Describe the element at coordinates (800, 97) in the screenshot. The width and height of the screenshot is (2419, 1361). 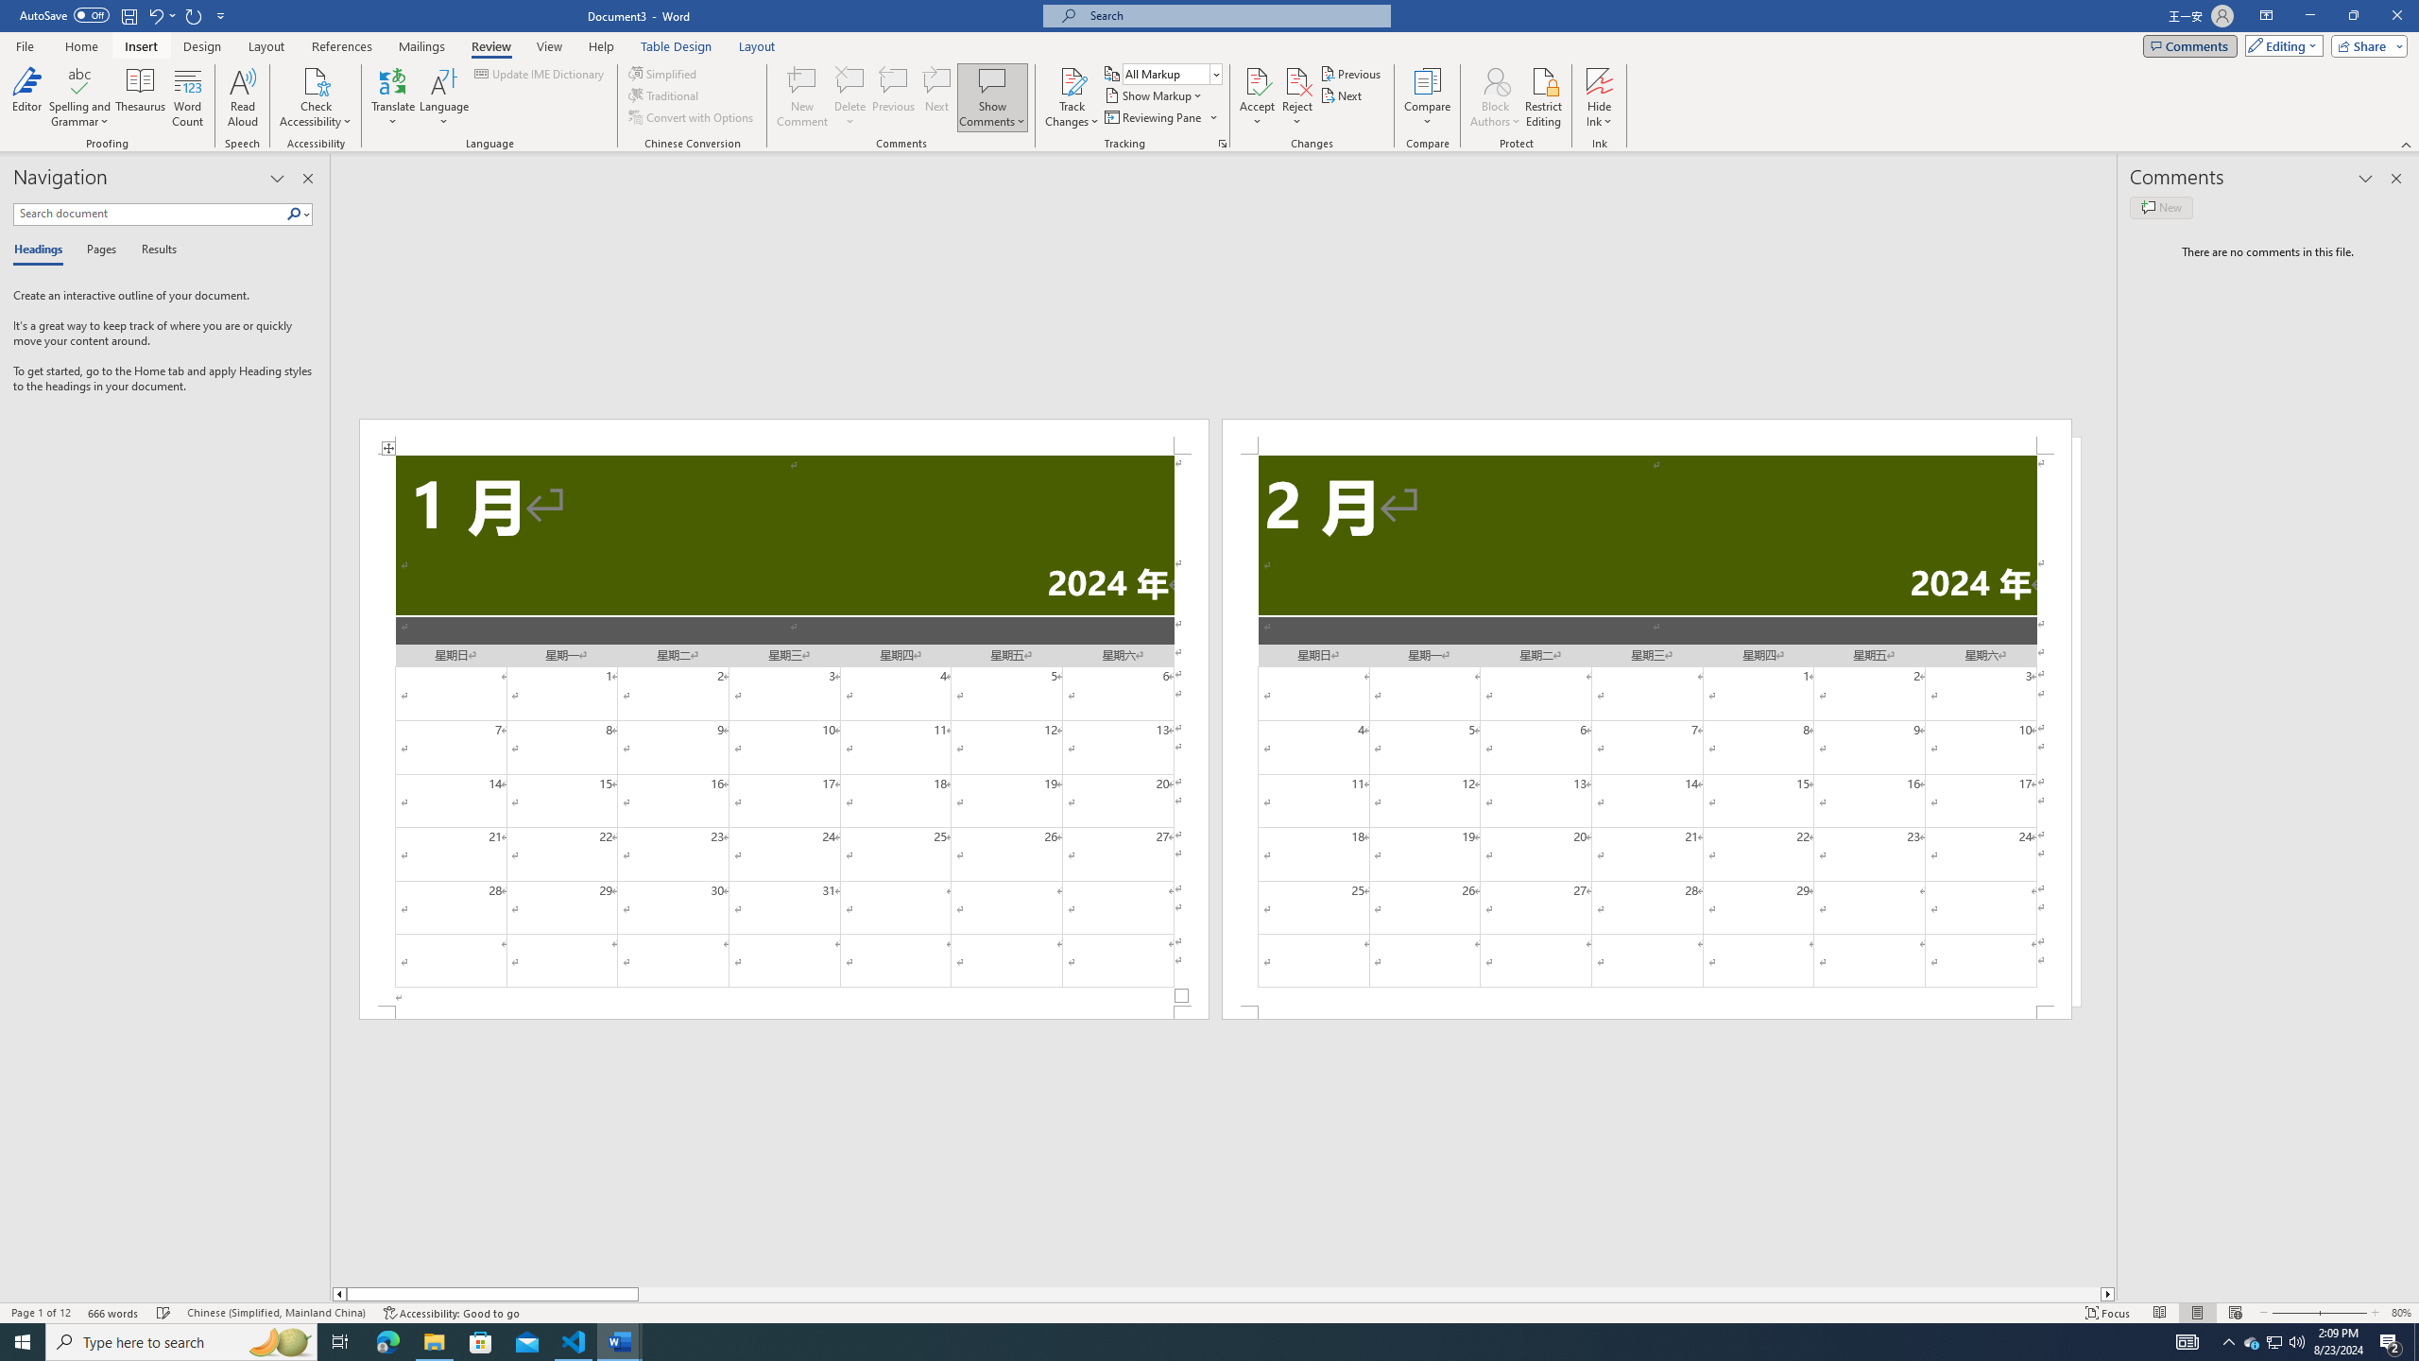
I see `'New Comment'` at that location.